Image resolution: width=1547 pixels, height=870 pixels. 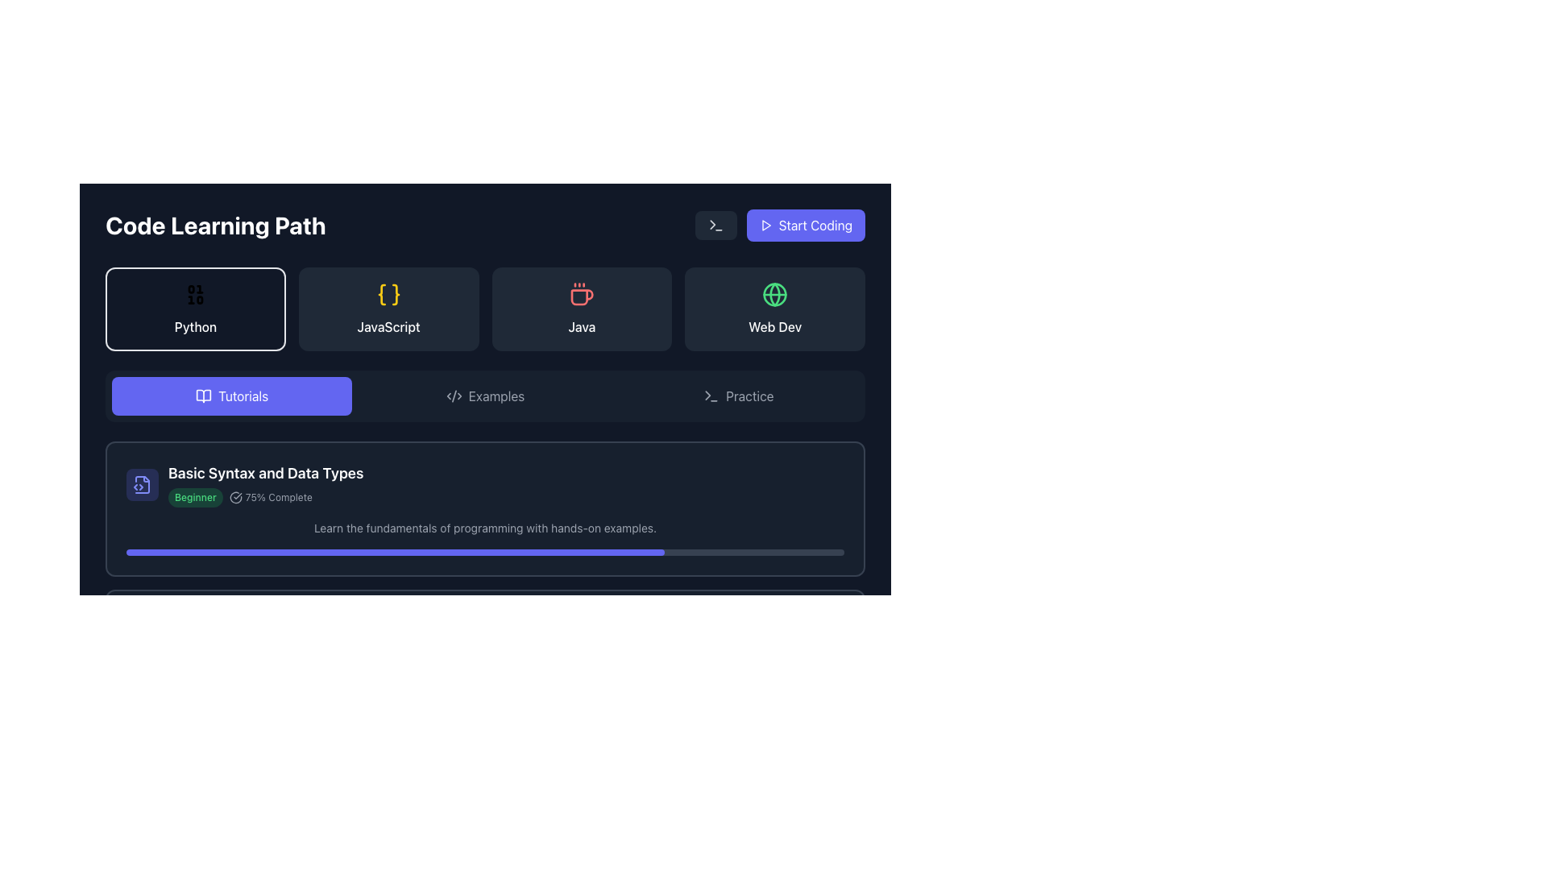 What do you see at coordinates (815, 226) in the screenshot?
I see `the text label of the interactive button located at the top right of the interface to initiate a coding activity` at bounding box center [815, 226].